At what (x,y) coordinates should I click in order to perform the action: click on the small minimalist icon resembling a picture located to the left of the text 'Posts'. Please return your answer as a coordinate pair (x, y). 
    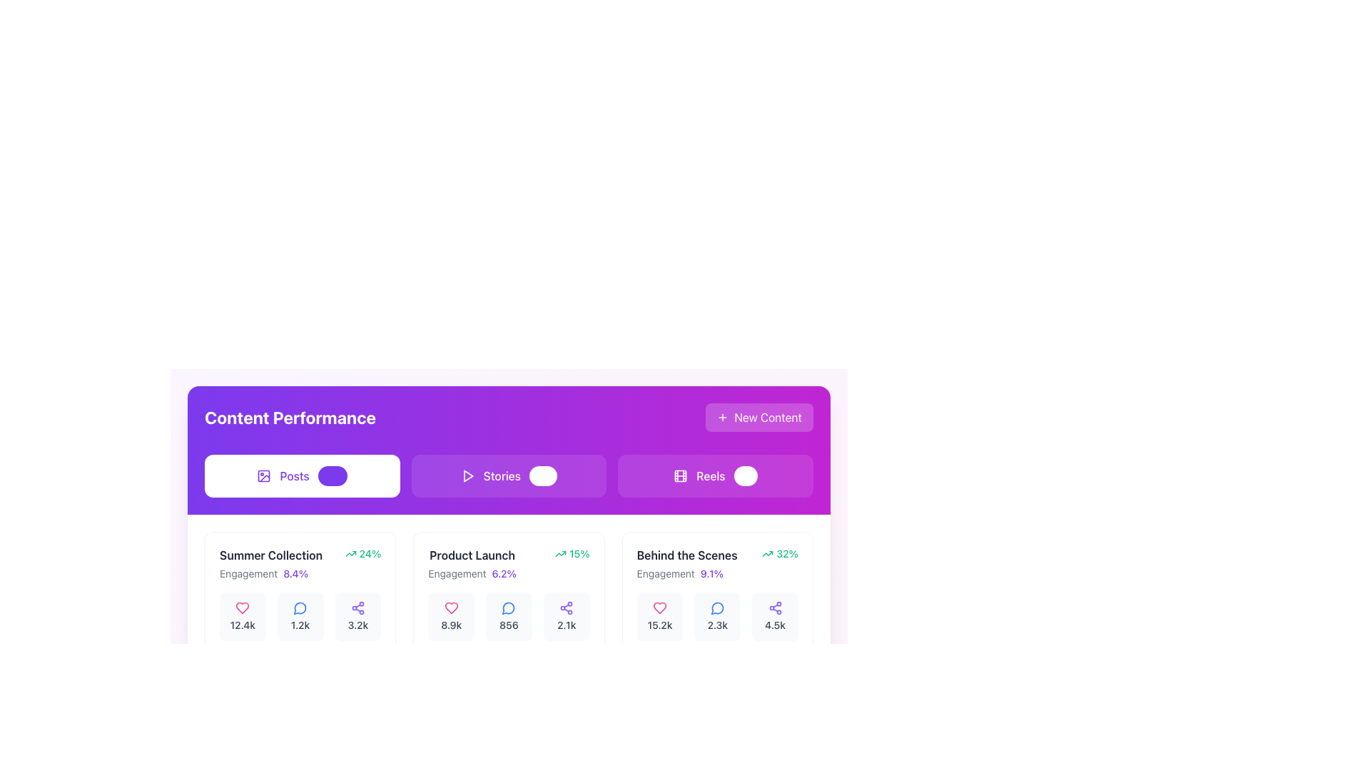
    Looking at the image, I should click on (264, 476).